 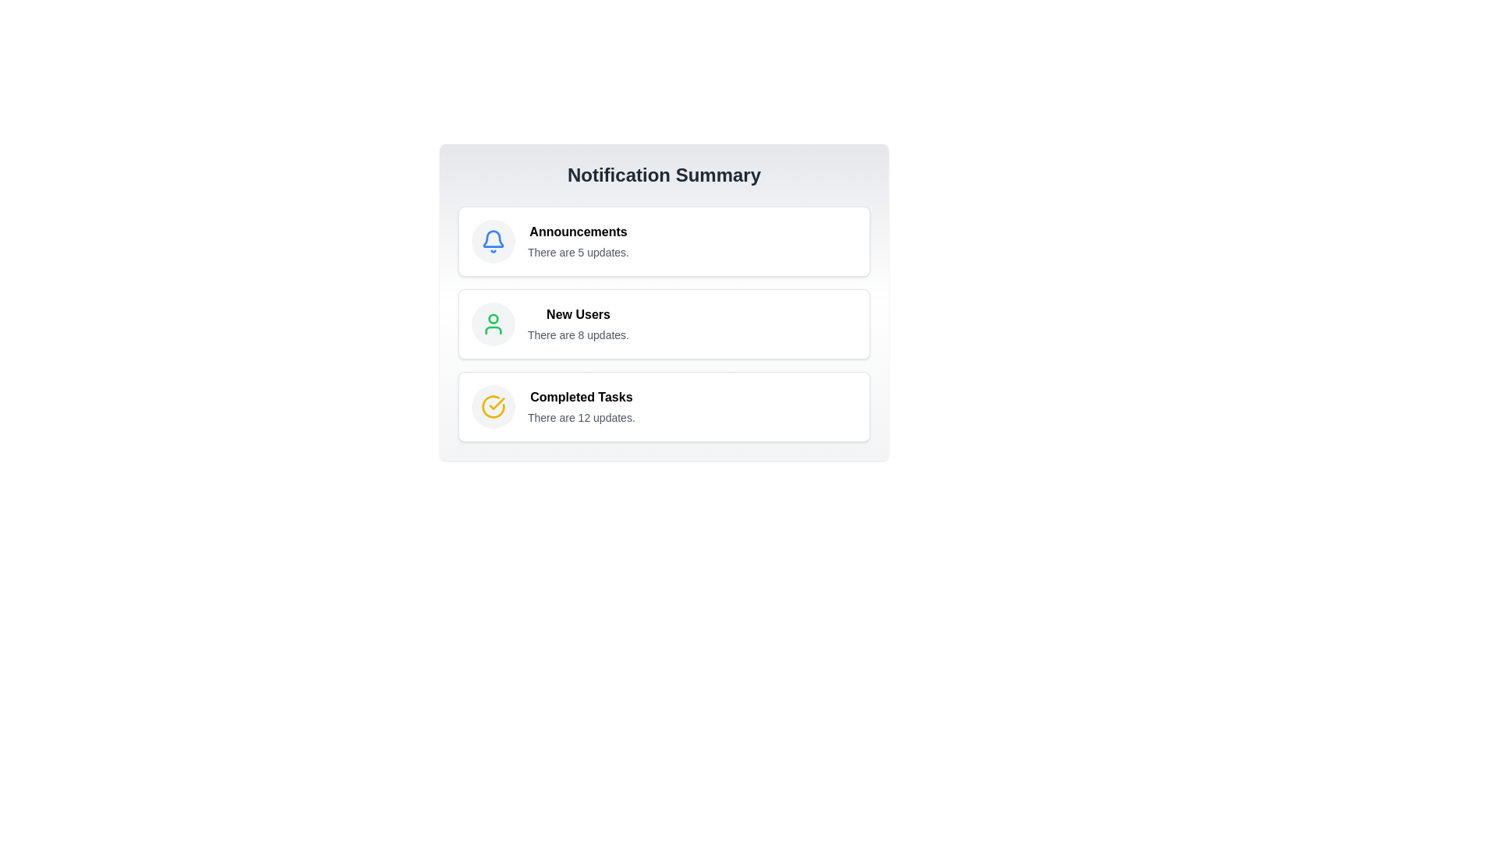 I want to click on the visual indicator icon located in the 'Completed Tasks' section, positioned to the left of the text 'Completed Tasks' and 'There are 12 updates.', so click(x=493, y=405).